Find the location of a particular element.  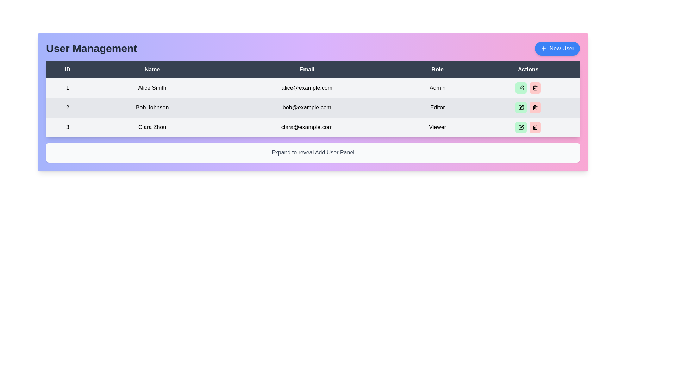

the 'Role' header in the table, which is the fourth element in the row layout, indicating the titles of listed entities is located at coordinates (437, 69).